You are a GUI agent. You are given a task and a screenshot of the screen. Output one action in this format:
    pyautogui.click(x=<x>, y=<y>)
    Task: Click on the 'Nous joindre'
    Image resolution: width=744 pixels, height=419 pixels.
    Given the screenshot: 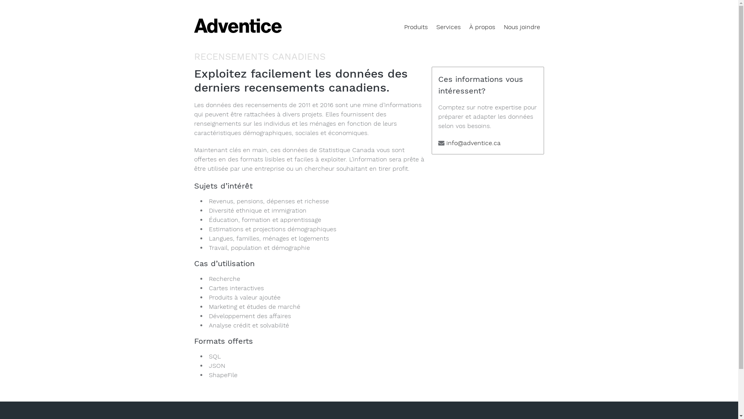 What is the action you would take?
    pyautogui.click(x=521, y=26)
    